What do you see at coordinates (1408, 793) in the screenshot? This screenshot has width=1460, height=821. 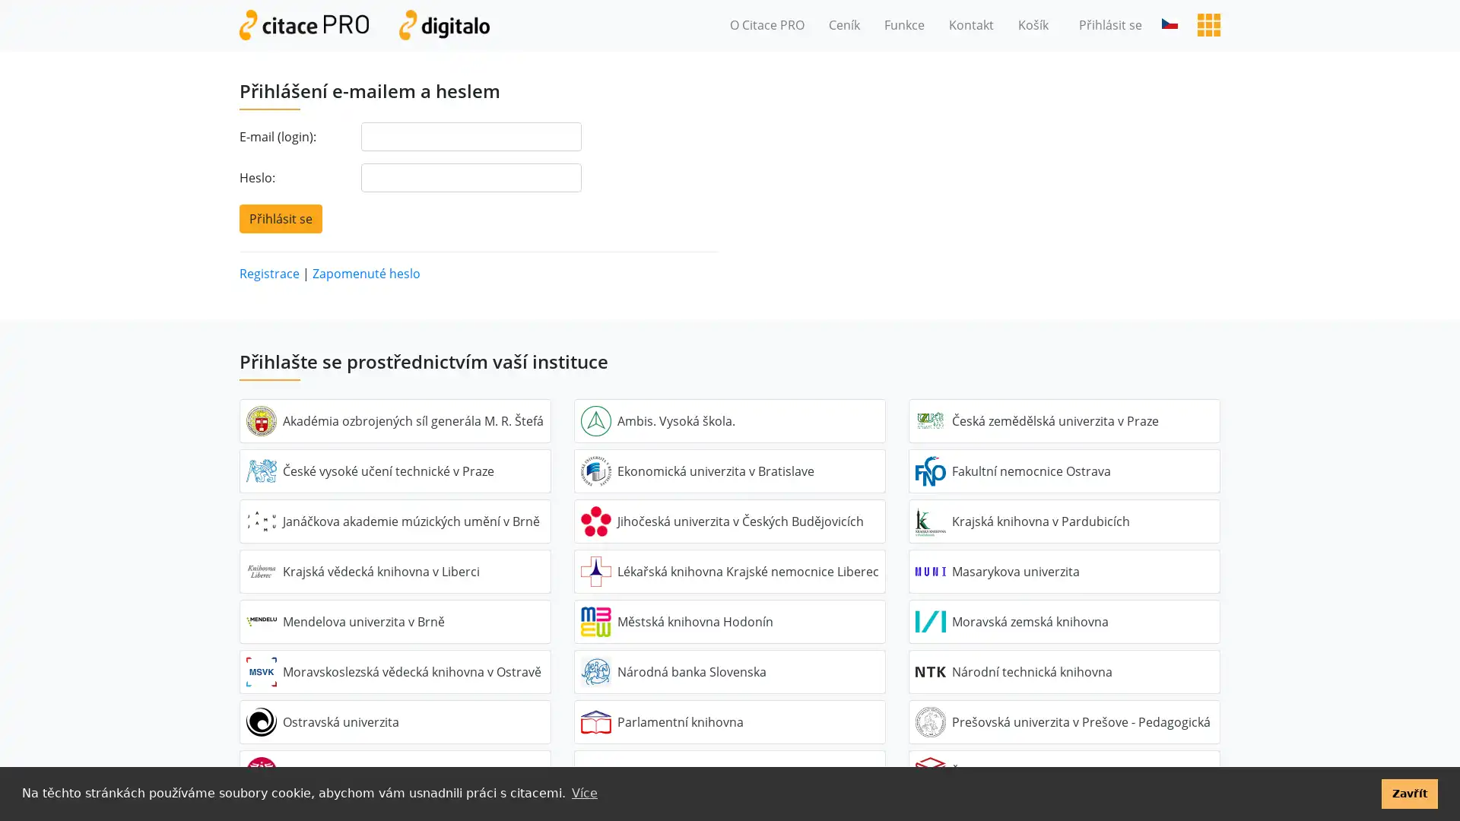 I see `dismiss cookie message` at bounding box center [1408, 793].